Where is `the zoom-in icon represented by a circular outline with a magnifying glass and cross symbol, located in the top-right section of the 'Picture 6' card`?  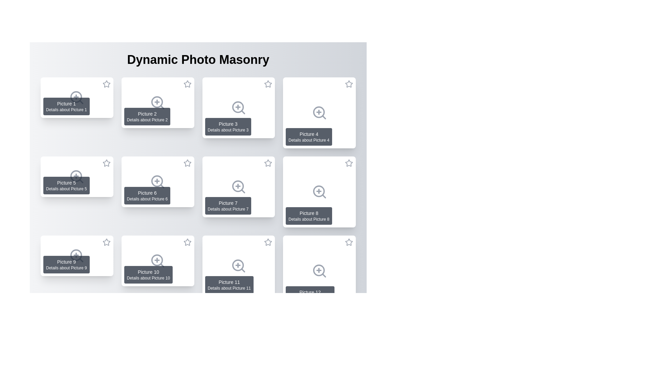
the zoom-in icon represented by a circular outline with a magnifying glass and cross symbol, located in the top-right section of the 'Picture 6' card is located at coordinates (157, 181).